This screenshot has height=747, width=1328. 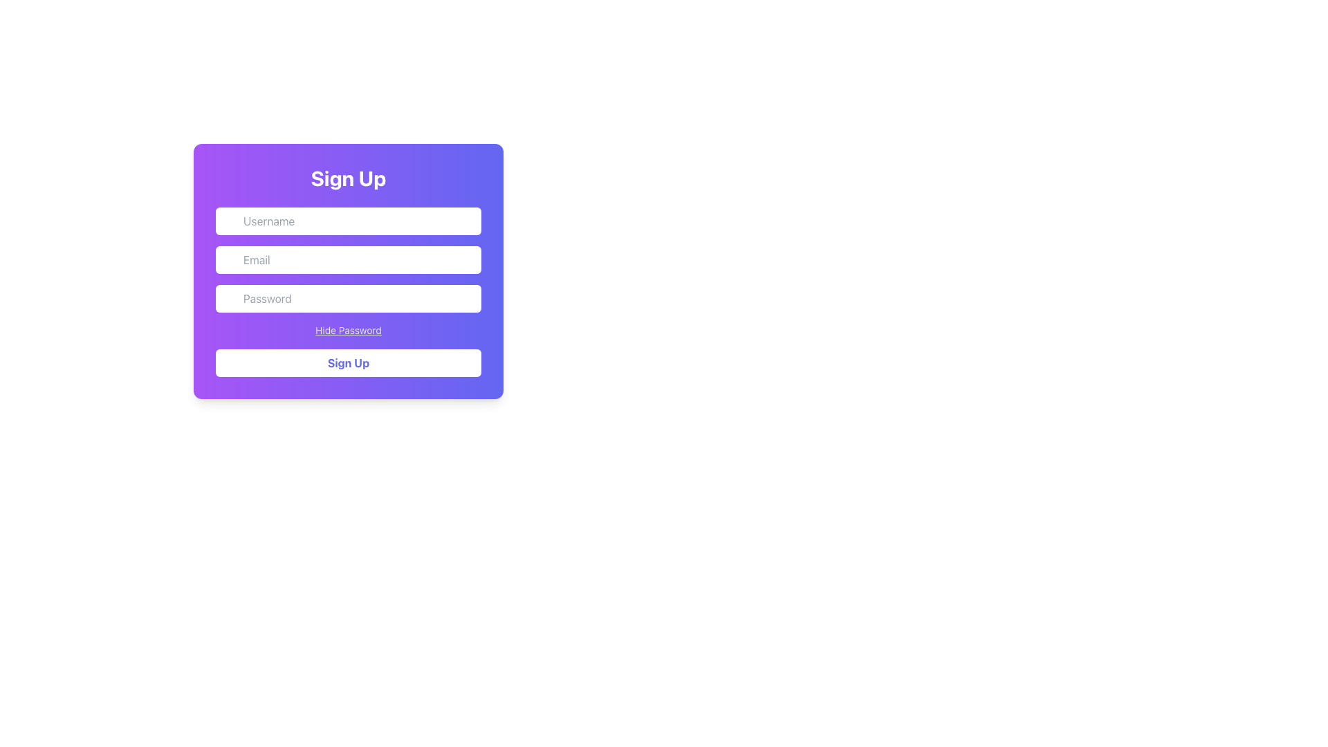 What do you see at coordinates (349, 331) in the screenshot?
I see `the interactive text link that toggles the visibility of the password in the password field above it` at bounding box center [349, 331].